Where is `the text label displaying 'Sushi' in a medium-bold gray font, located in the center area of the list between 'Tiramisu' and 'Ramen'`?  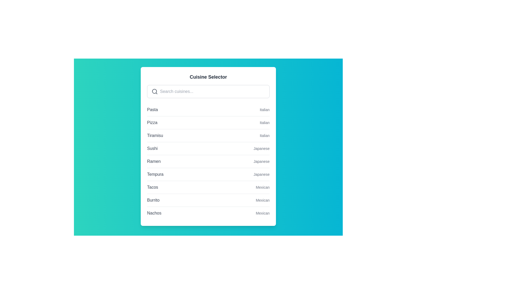 the text label displaying 'Sushi' in a medium-bold gray font, located in the center area of the list between 'Tiramisu' and 'Ramen' is located at coordinates (152, 149).